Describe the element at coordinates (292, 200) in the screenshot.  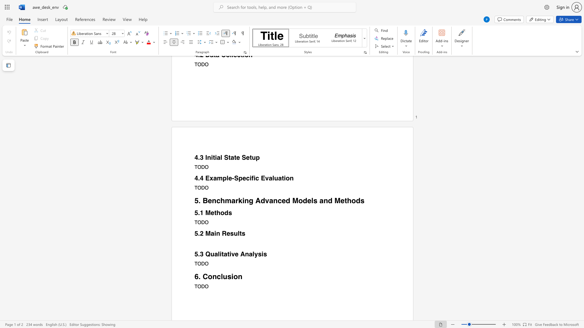
I see `the subset text "Mode" within the text "5. Benchmarking Advanced Models and Methods"` at that location.